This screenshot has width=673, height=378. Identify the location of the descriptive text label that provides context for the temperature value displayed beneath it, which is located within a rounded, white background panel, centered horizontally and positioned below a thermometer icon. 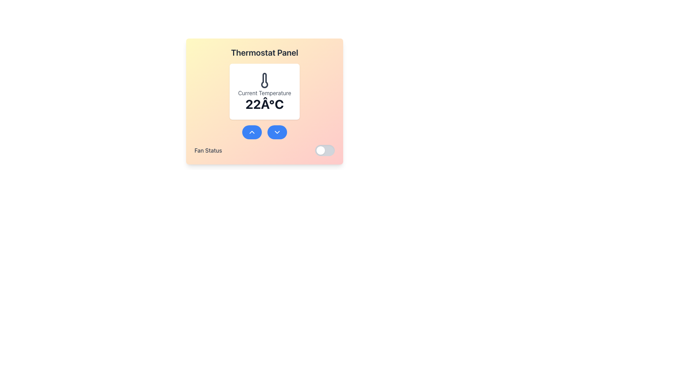
(264, 93).